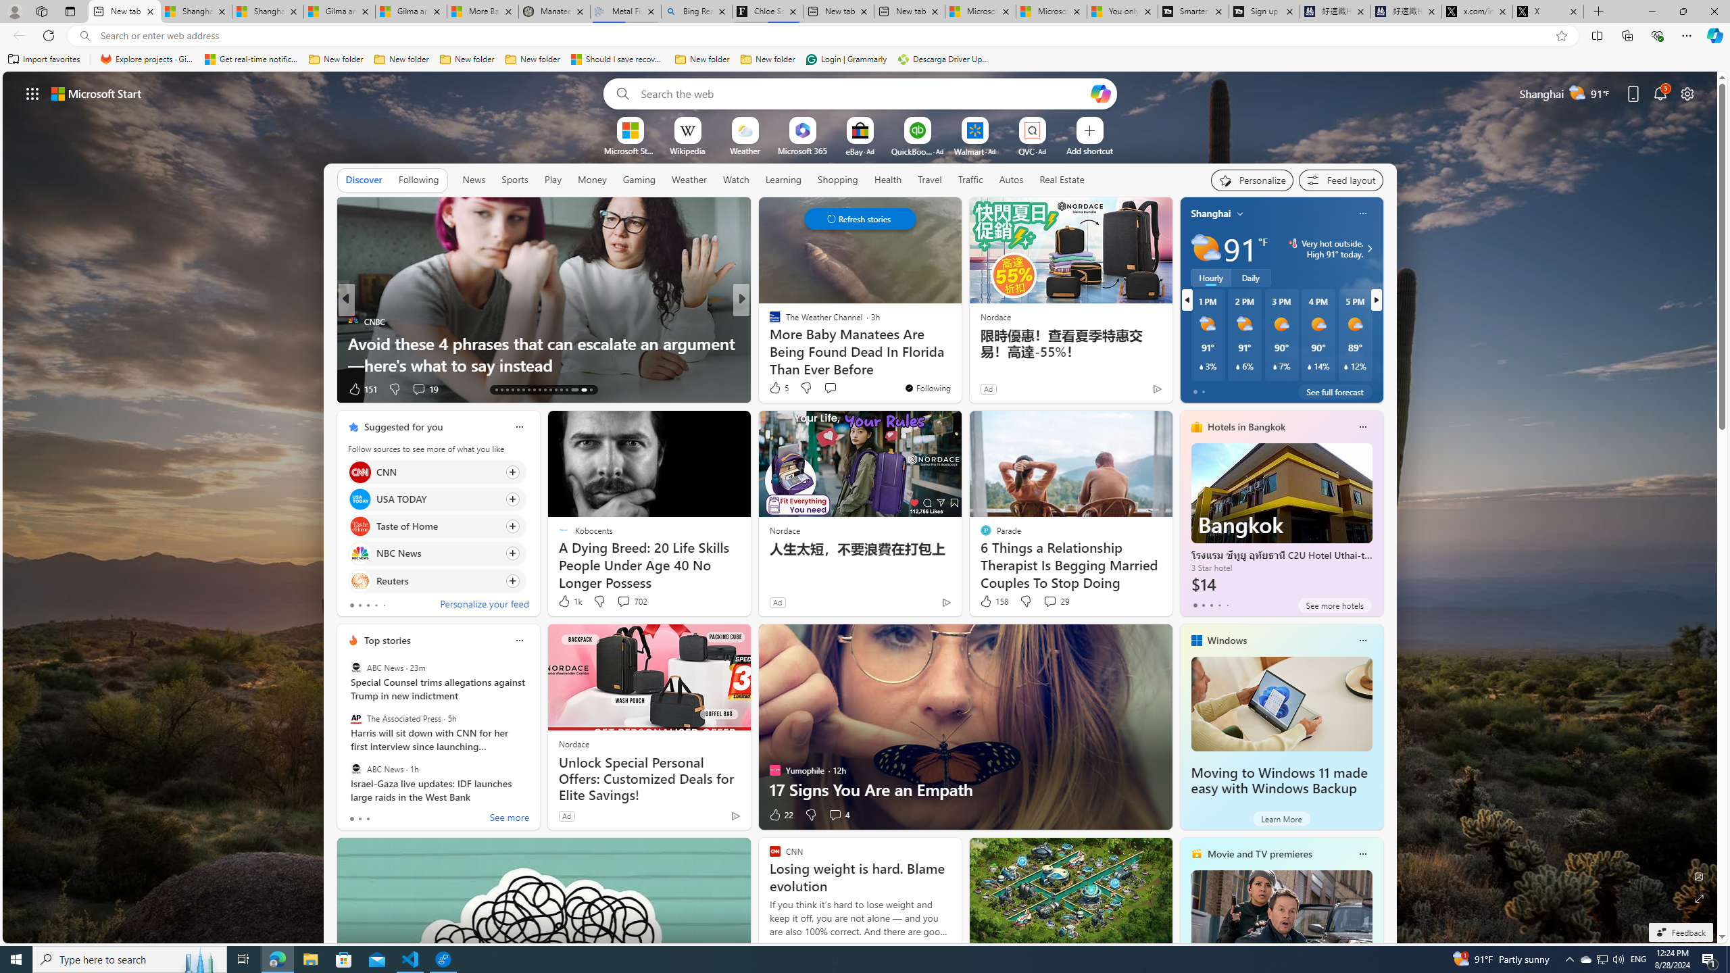 The image size is (1730, 973). Describe the element at coordinates (835, 815) in the screenshot. I see `'View comments 4 Comment'` at that location.